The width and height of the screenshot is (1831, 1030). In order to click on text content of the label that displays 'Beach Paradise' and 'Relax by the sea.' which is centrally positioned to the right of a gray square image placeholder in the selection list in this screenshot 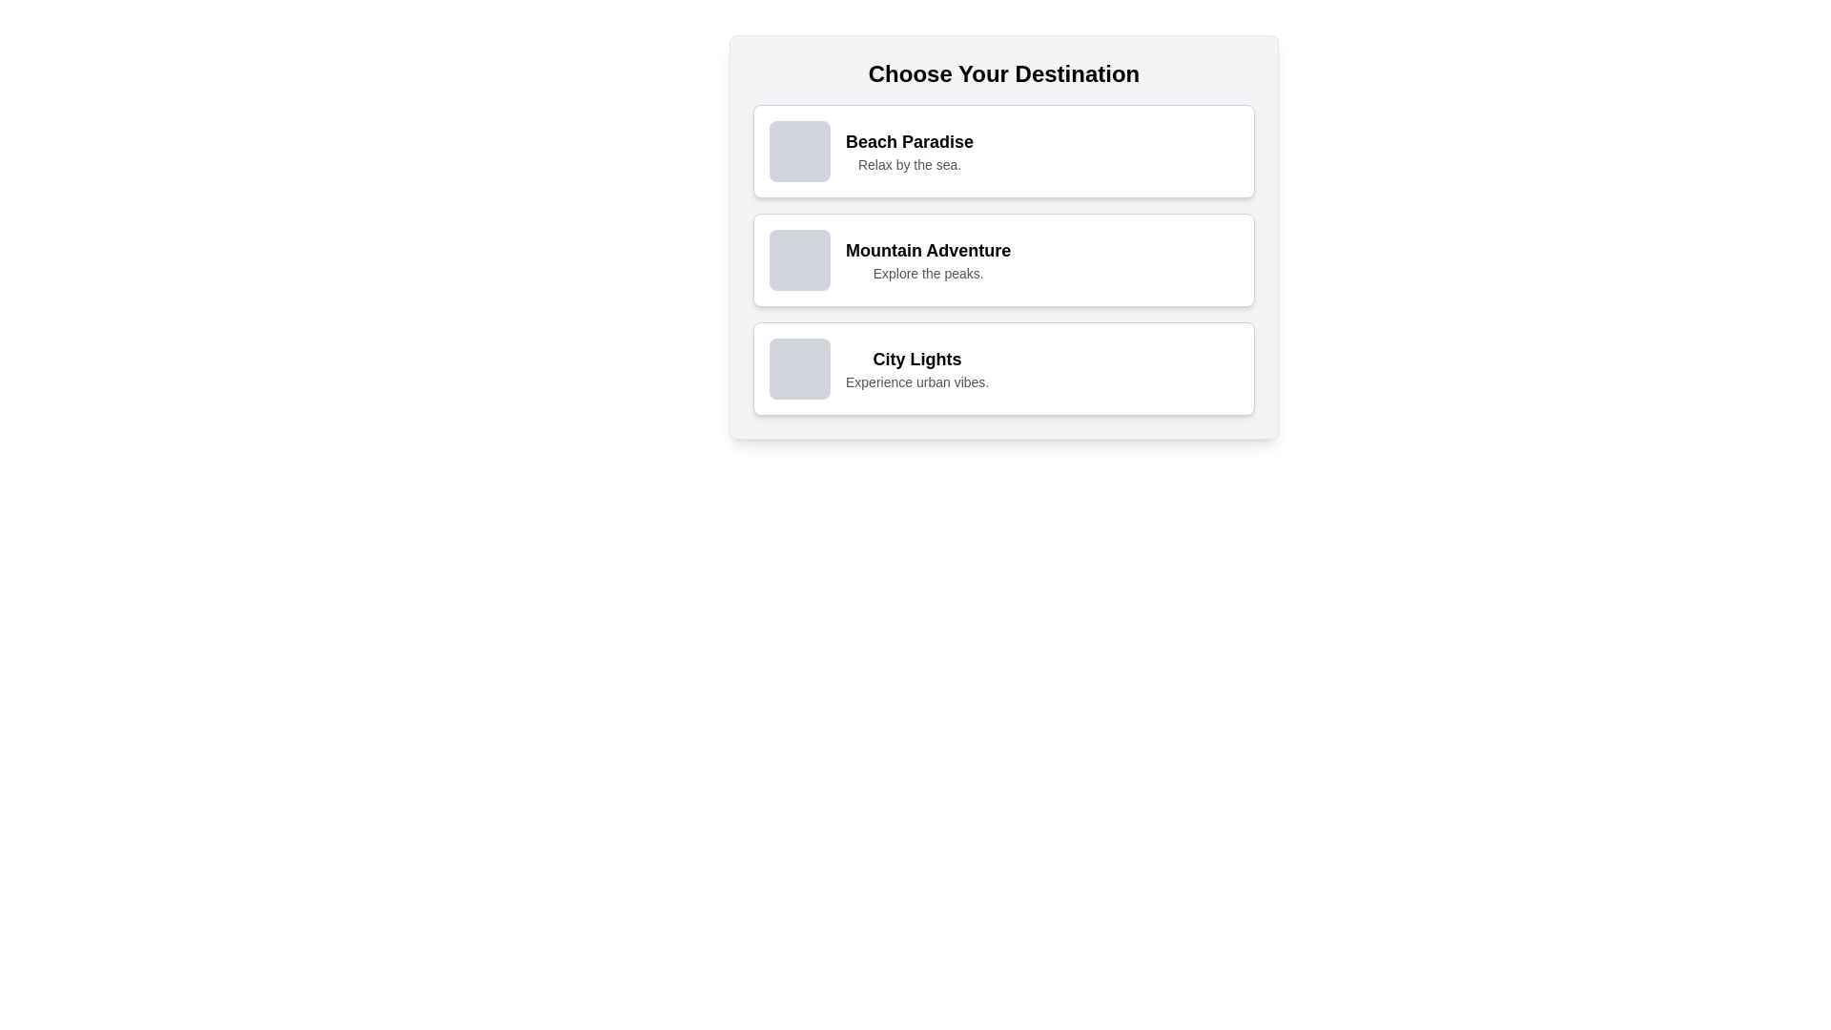, I will do `click(909, 150)`.